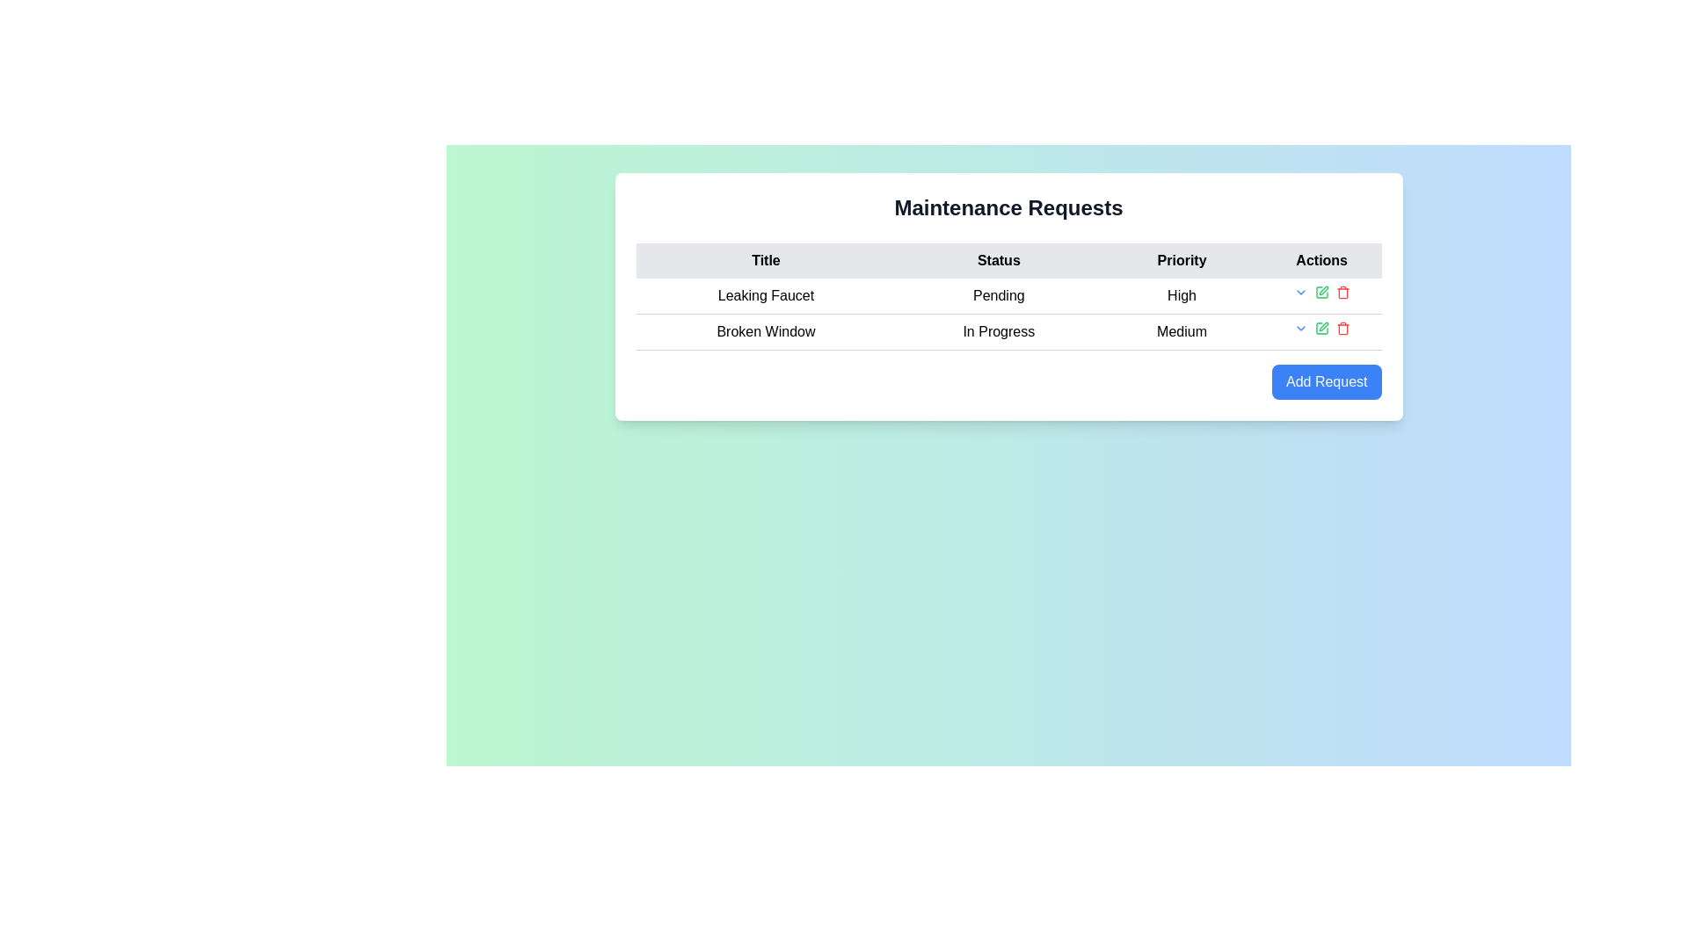 This screenshot has width=1688, height=949. What do you see at coordinates (1327, 381) in the screenshot?
I see `the blue rectangular button labeled 'Add Request' located at the bottom right corner of the 'Maintenance Requests' panel to initiate adding a request` at bounding box center [1327, 381].